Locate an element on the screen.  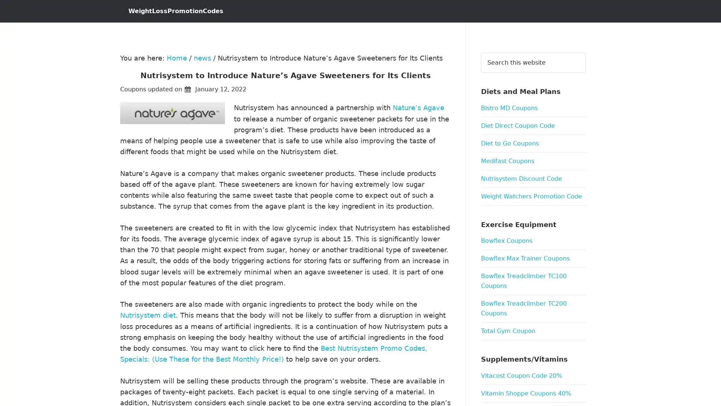
Search is located at coordinates (585, 52).